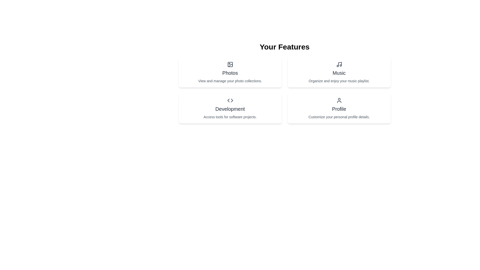 Image resolution: width=480 pixels, height=270 pixels. I want to click on the text label that titles the card section related to development tools, located below a graphic representation of angle brackets ('<>') in the bottom-left quadrant of the grid, so click(230, 108).